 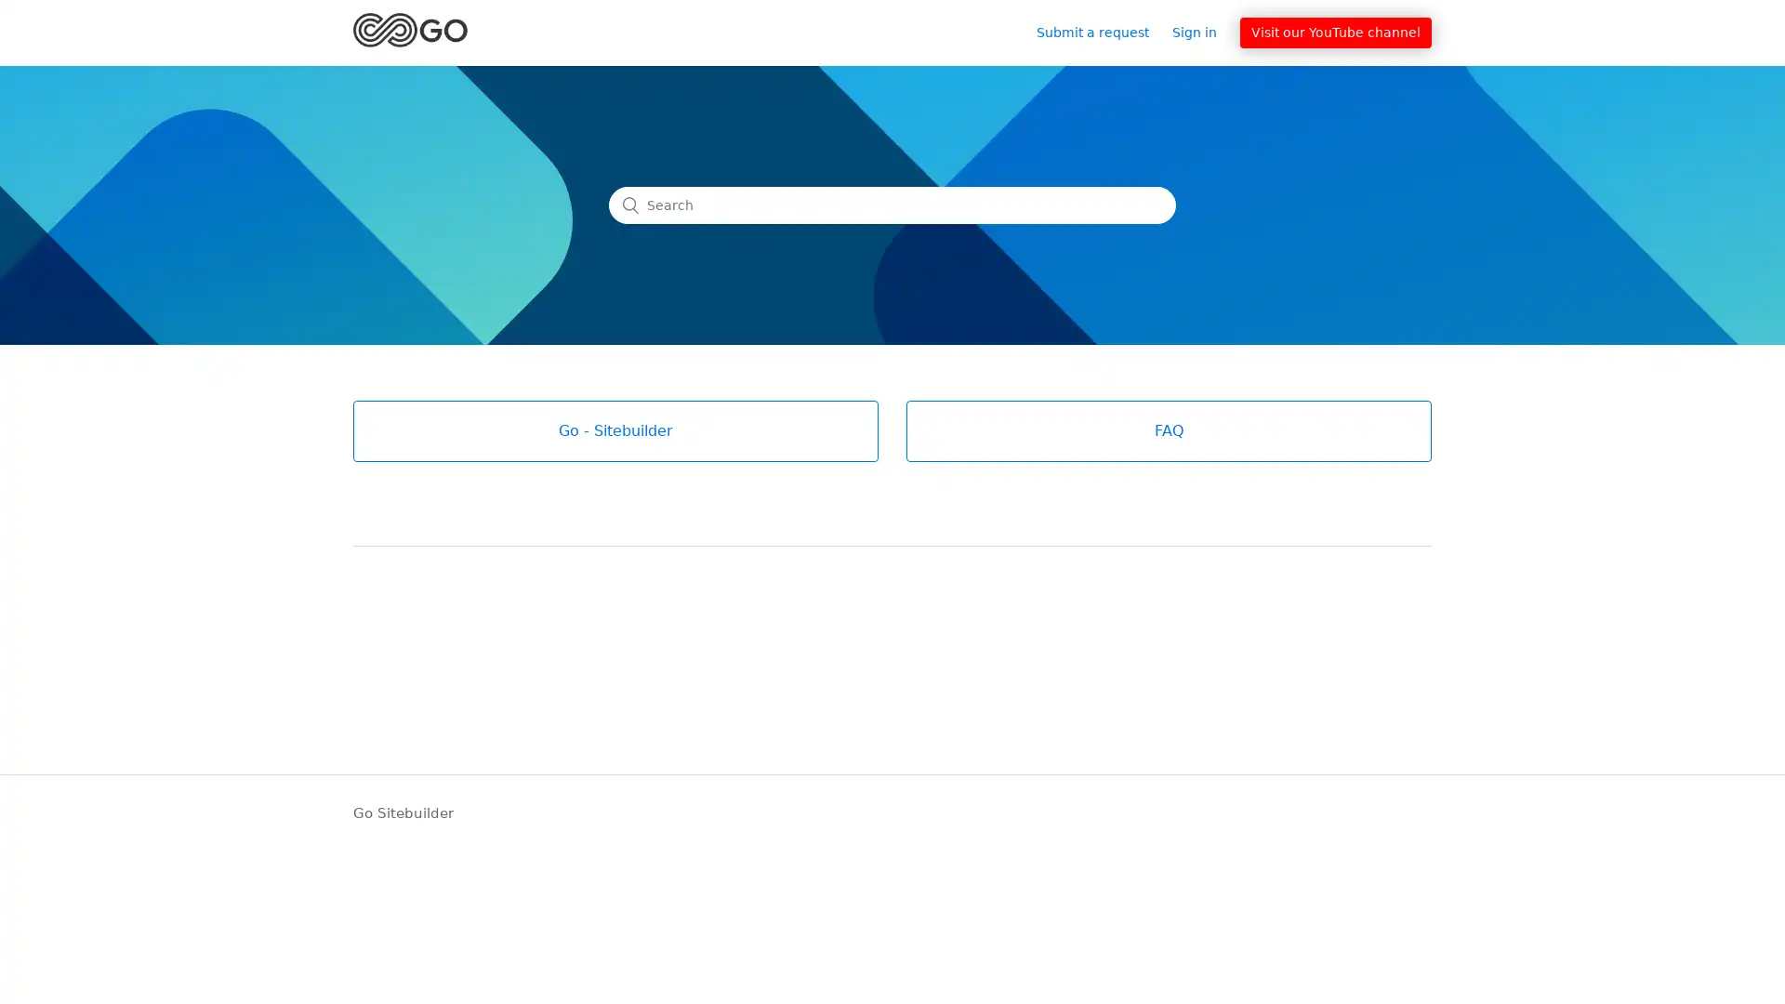 I want to click on Sign in, so click(x=1204, y=32).